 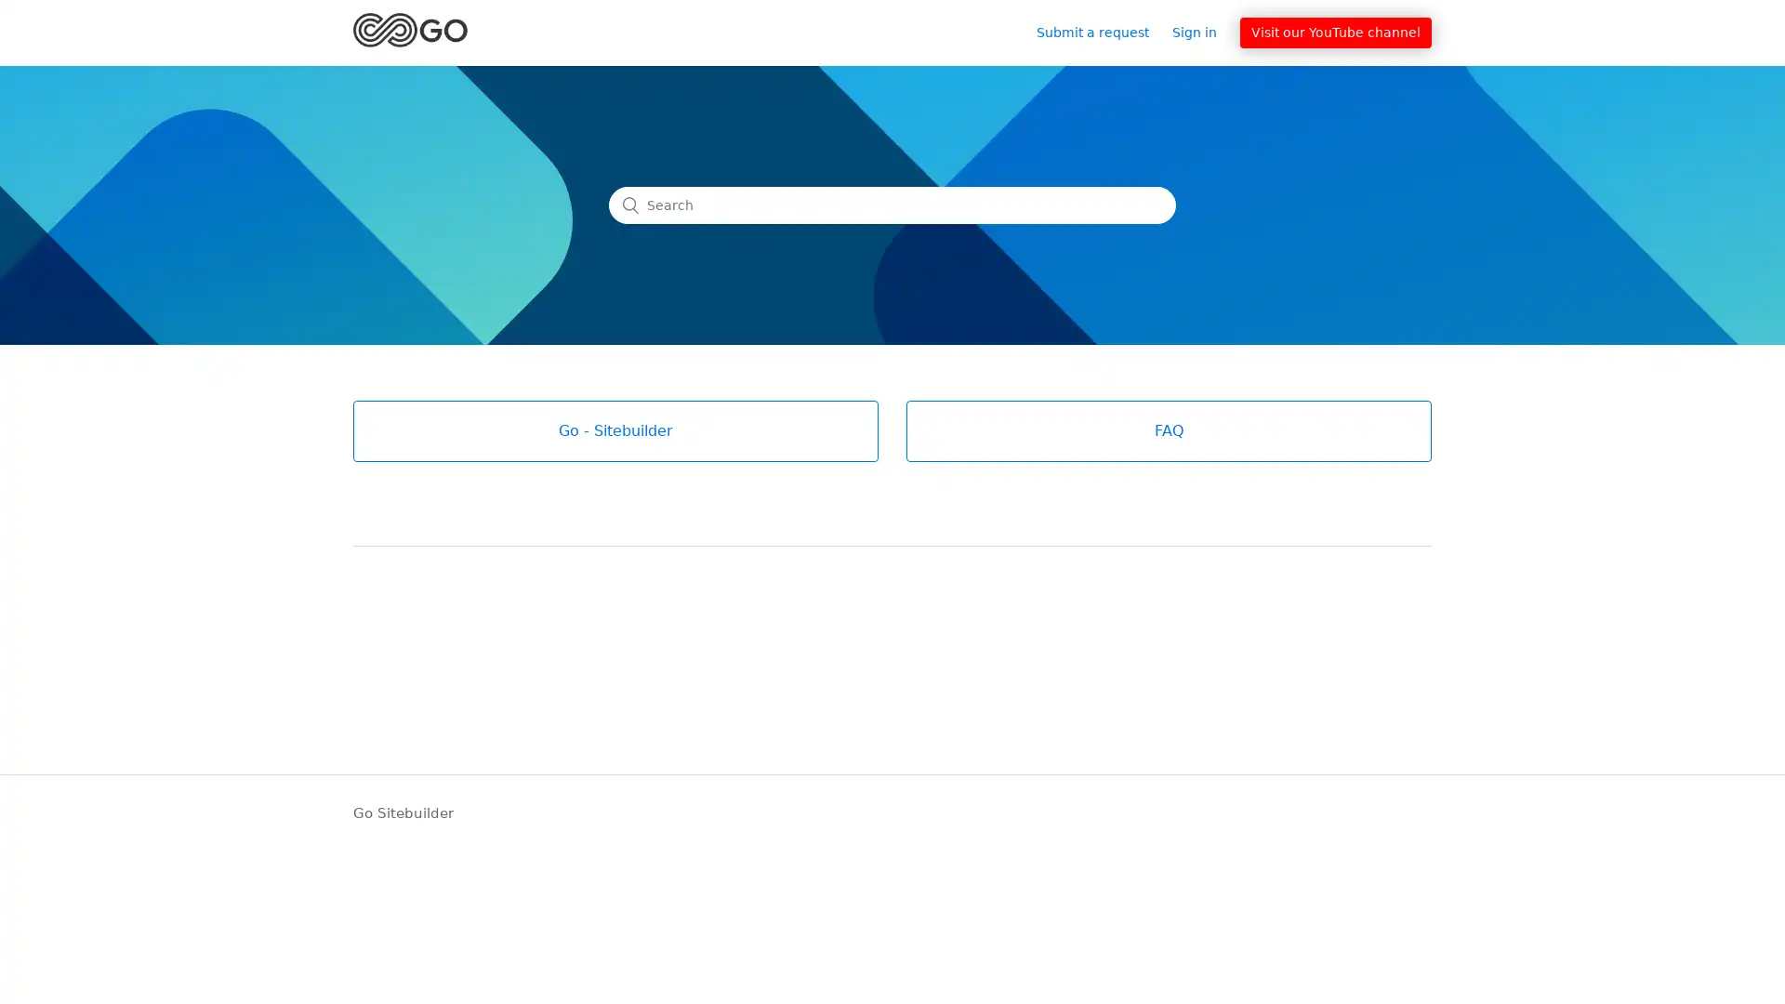 I want to click on Sign in, so click(x=1204, y=32).